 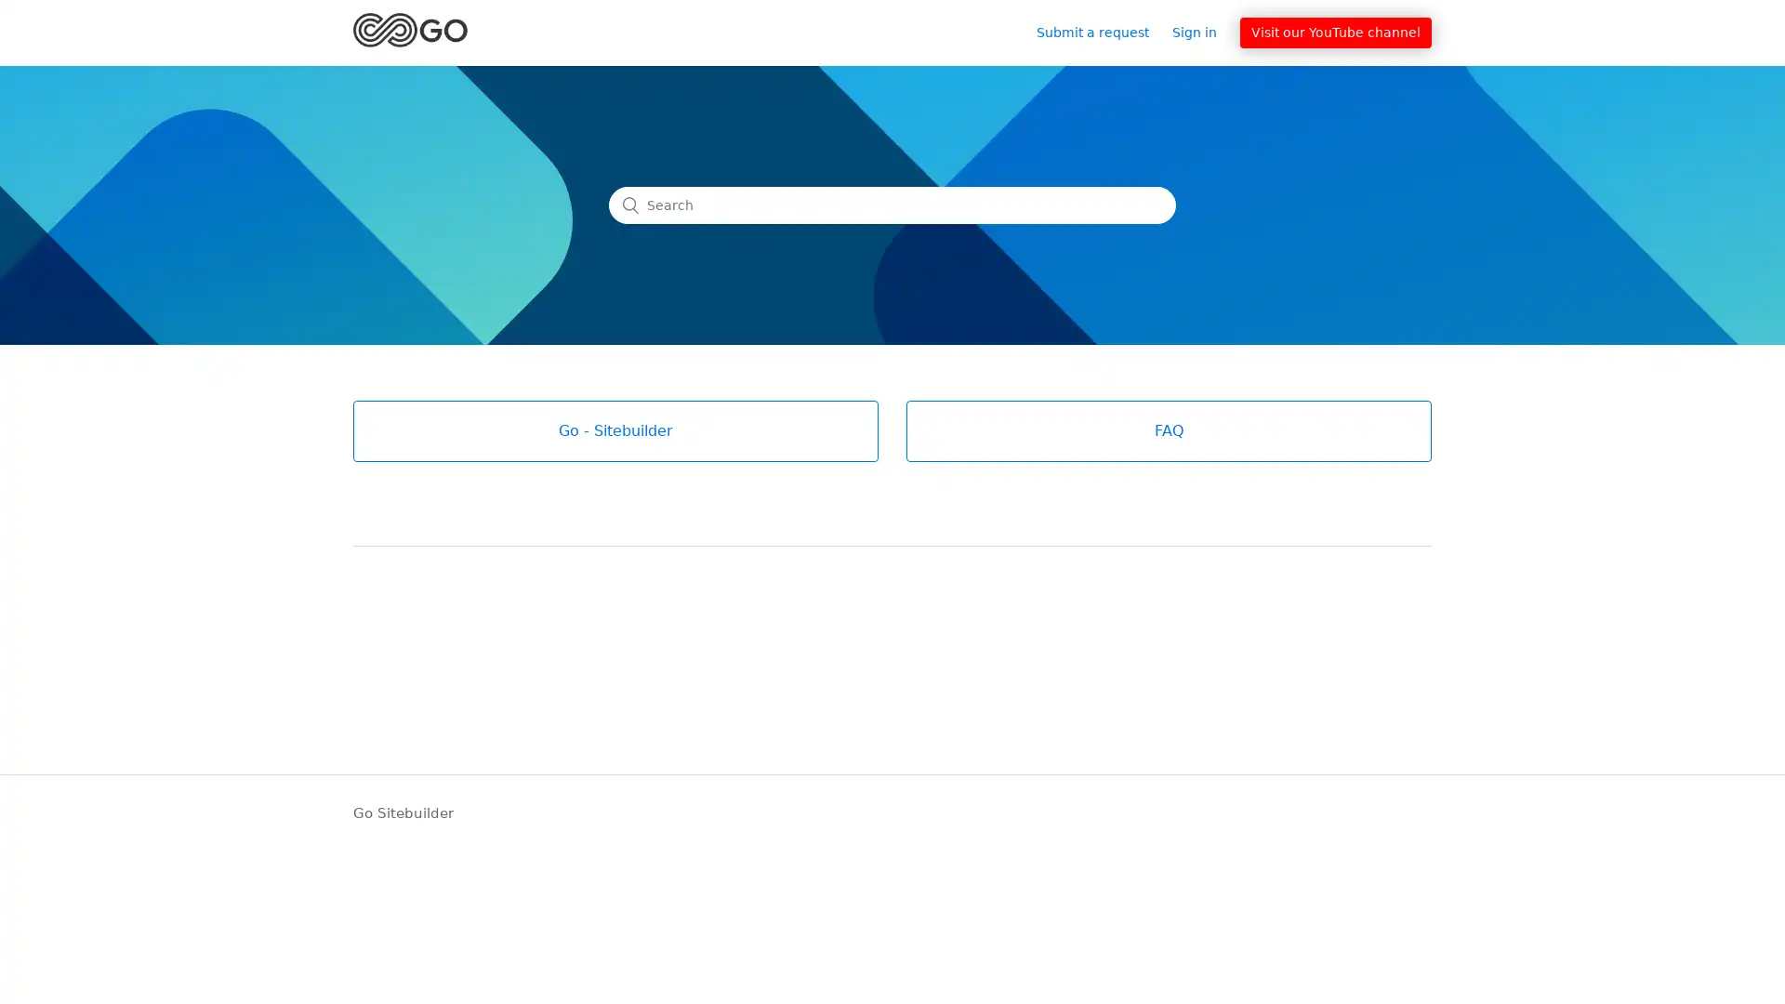 I want to click on Sign in, so click(x=1204, y=32).